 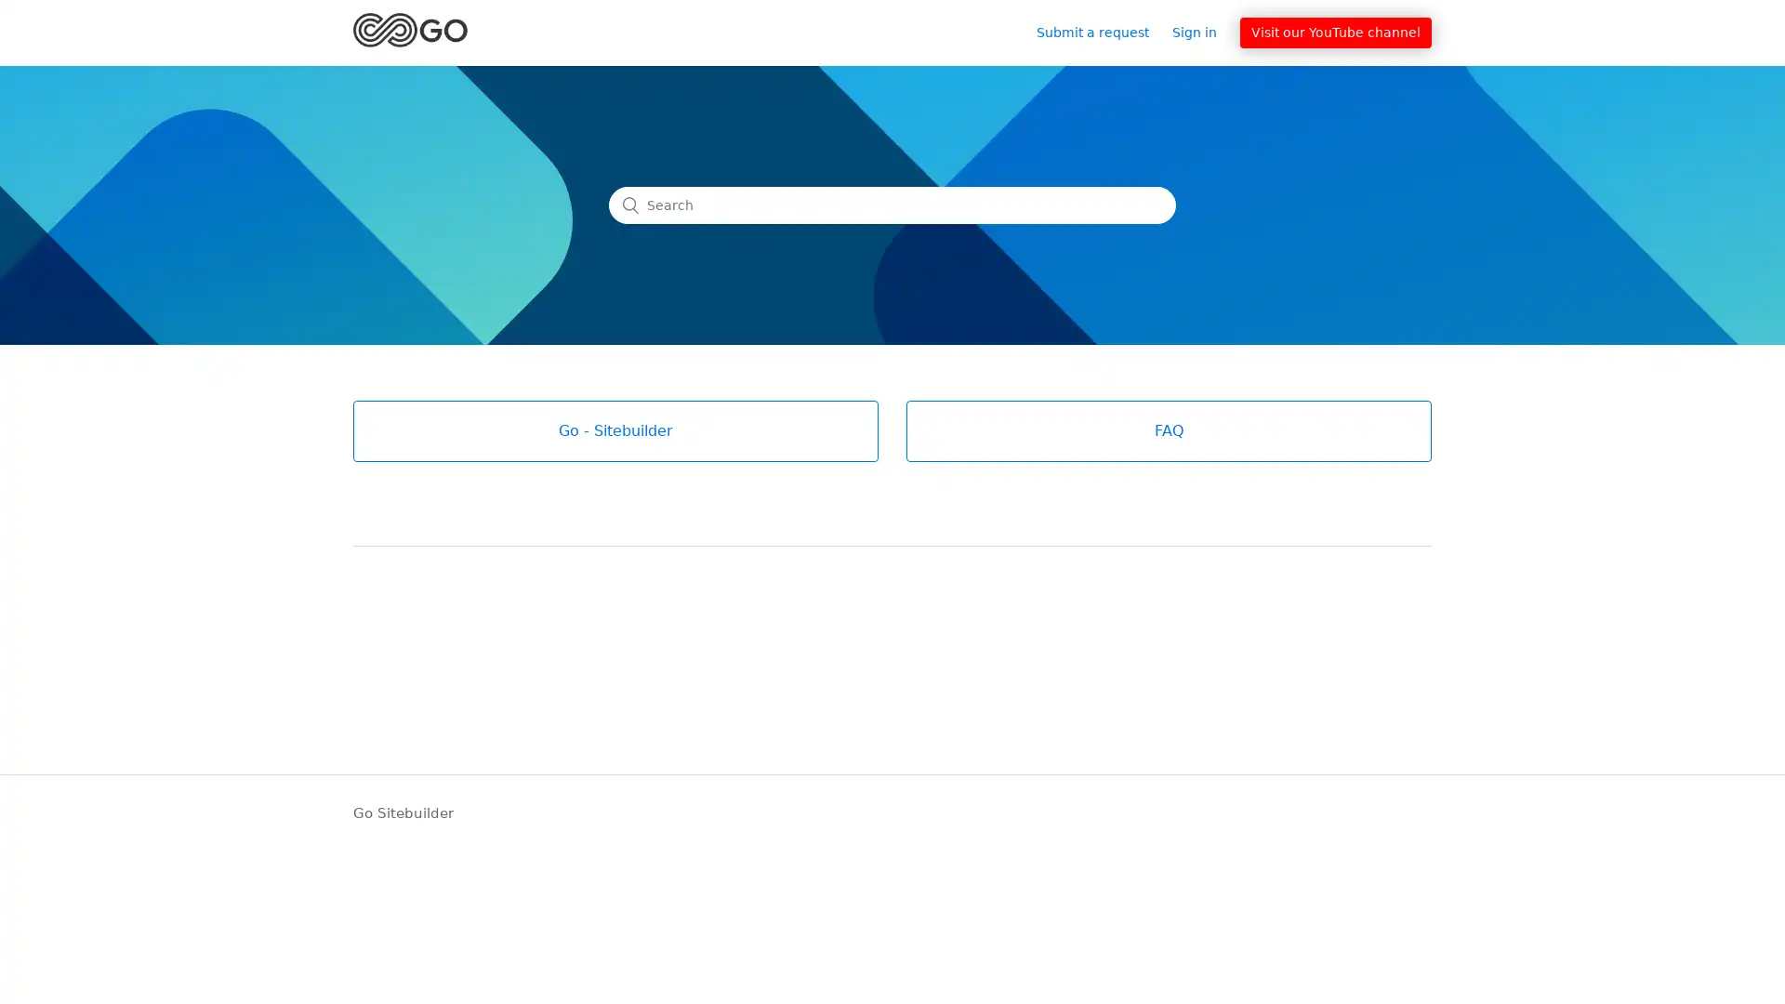 I want to click on Sign in, so click(x=1204, y=32).